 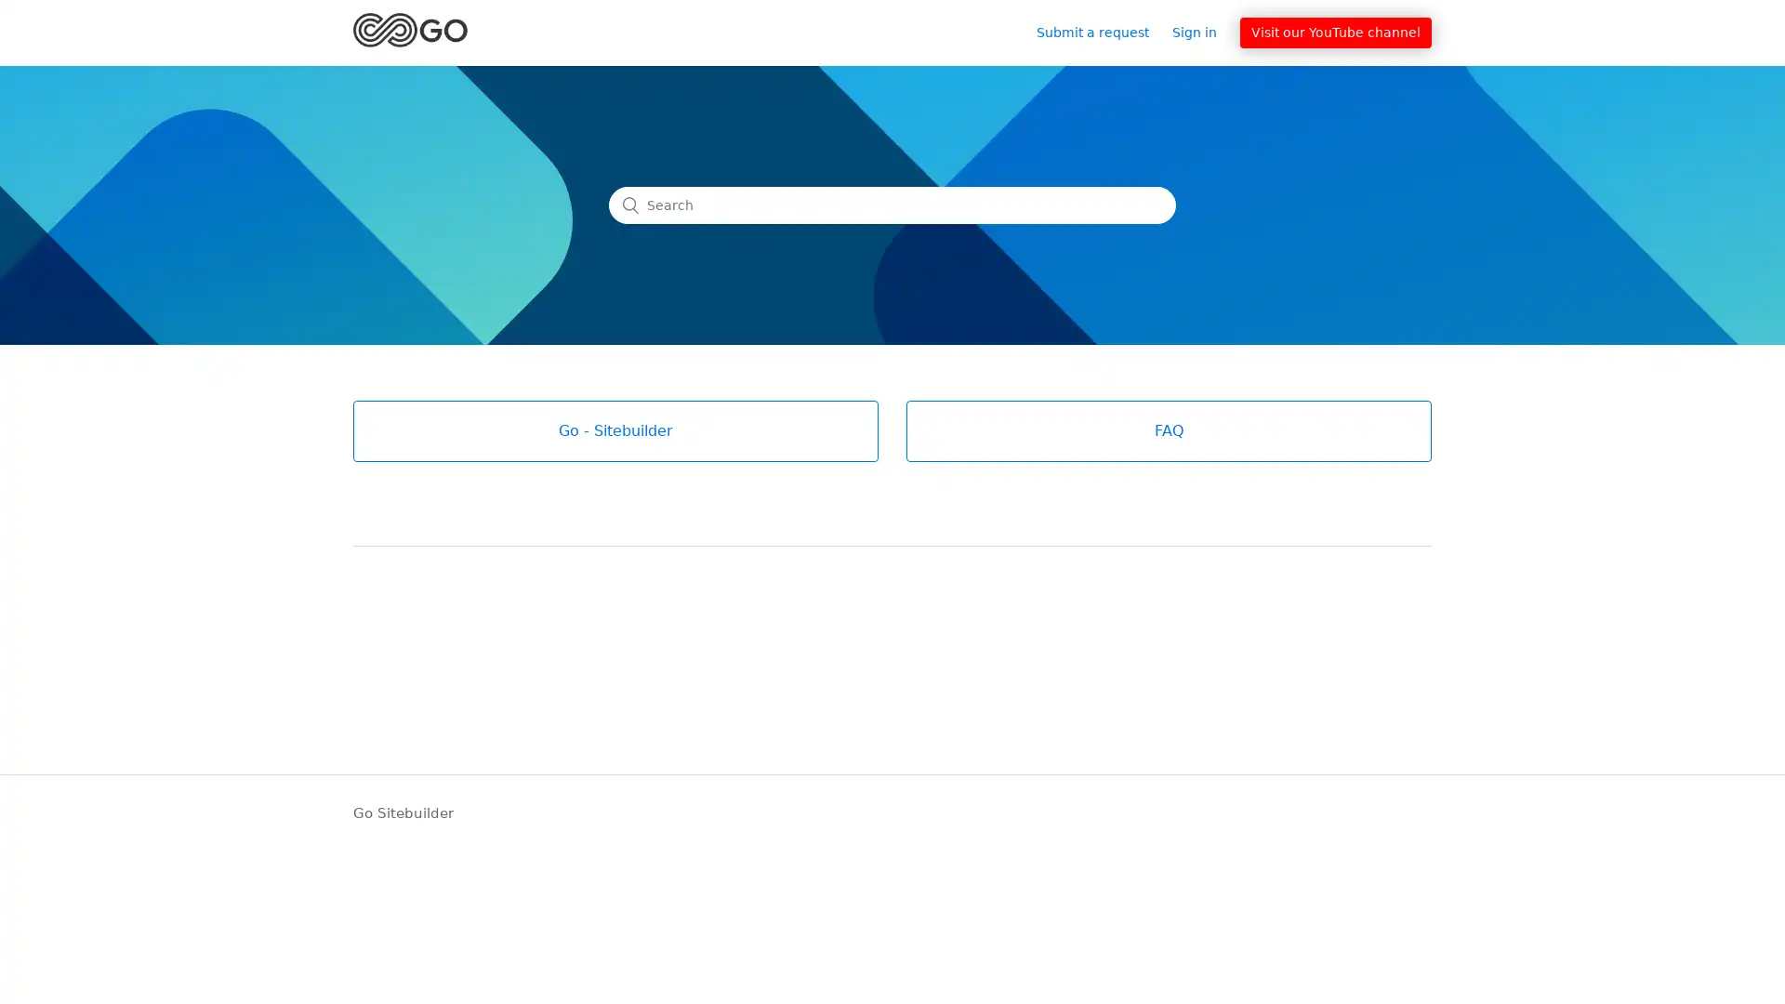 I want to click on Sign in, so click(x=1204, y=32).